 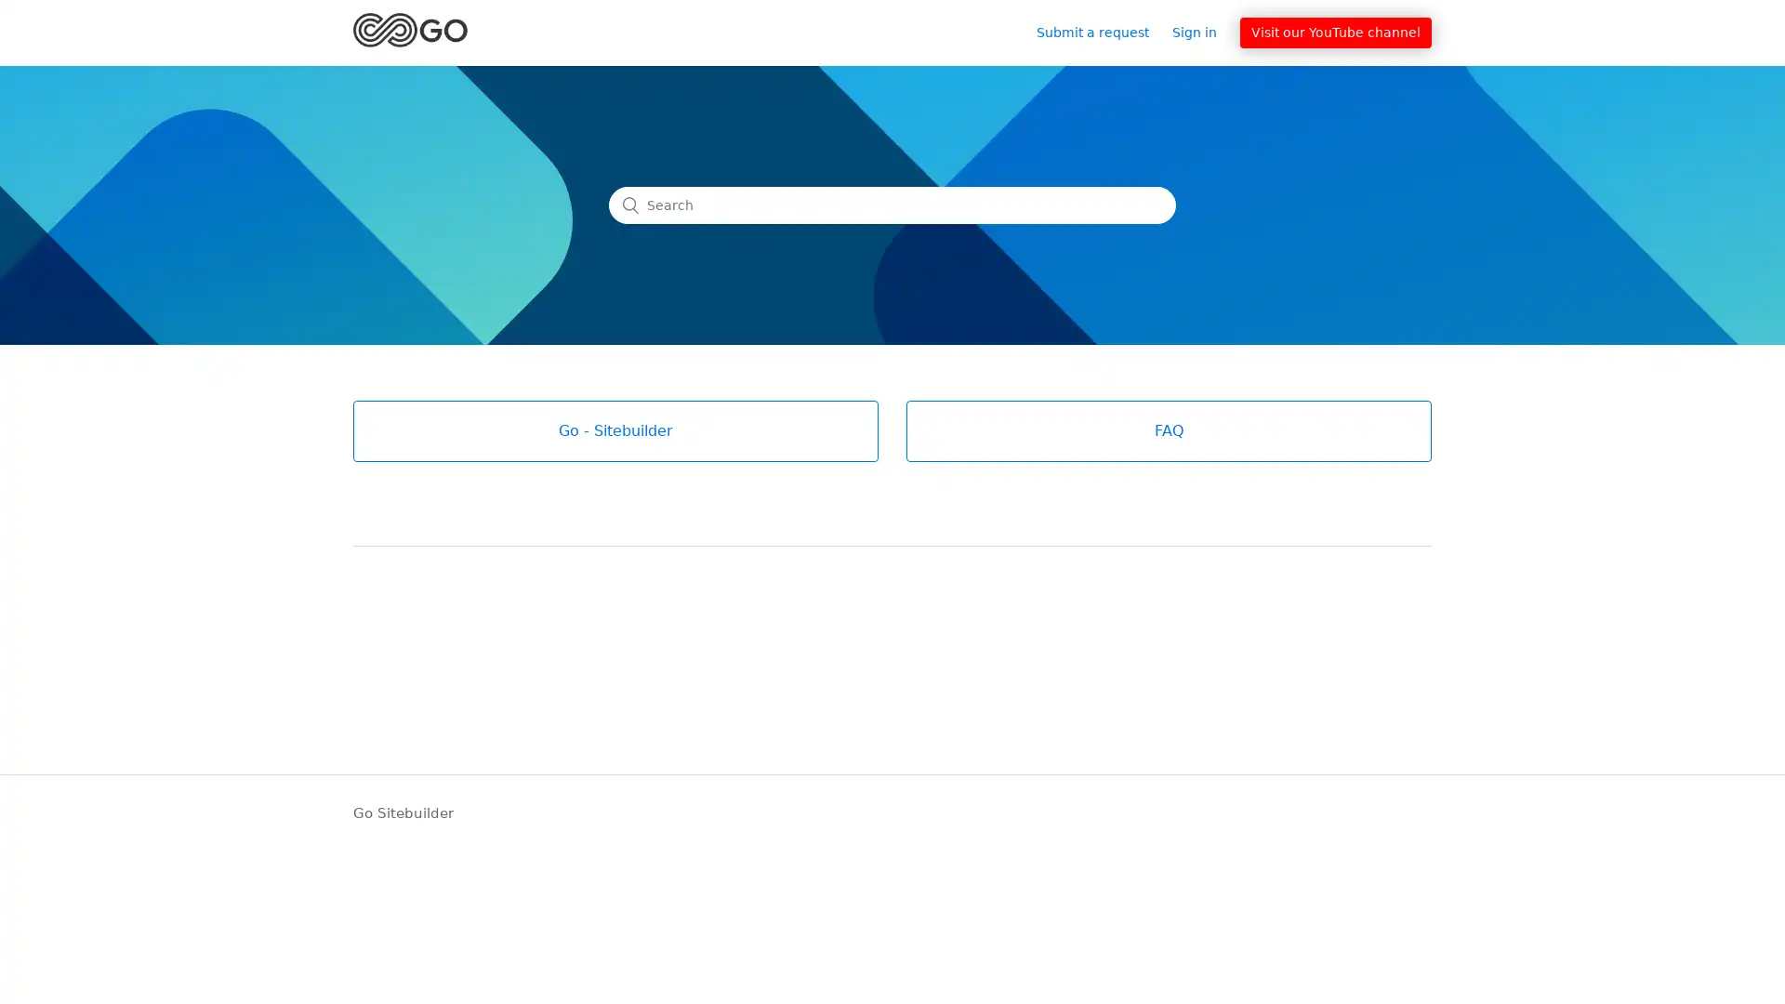 I want to click on Sign in, so click(x=1204, y=32).